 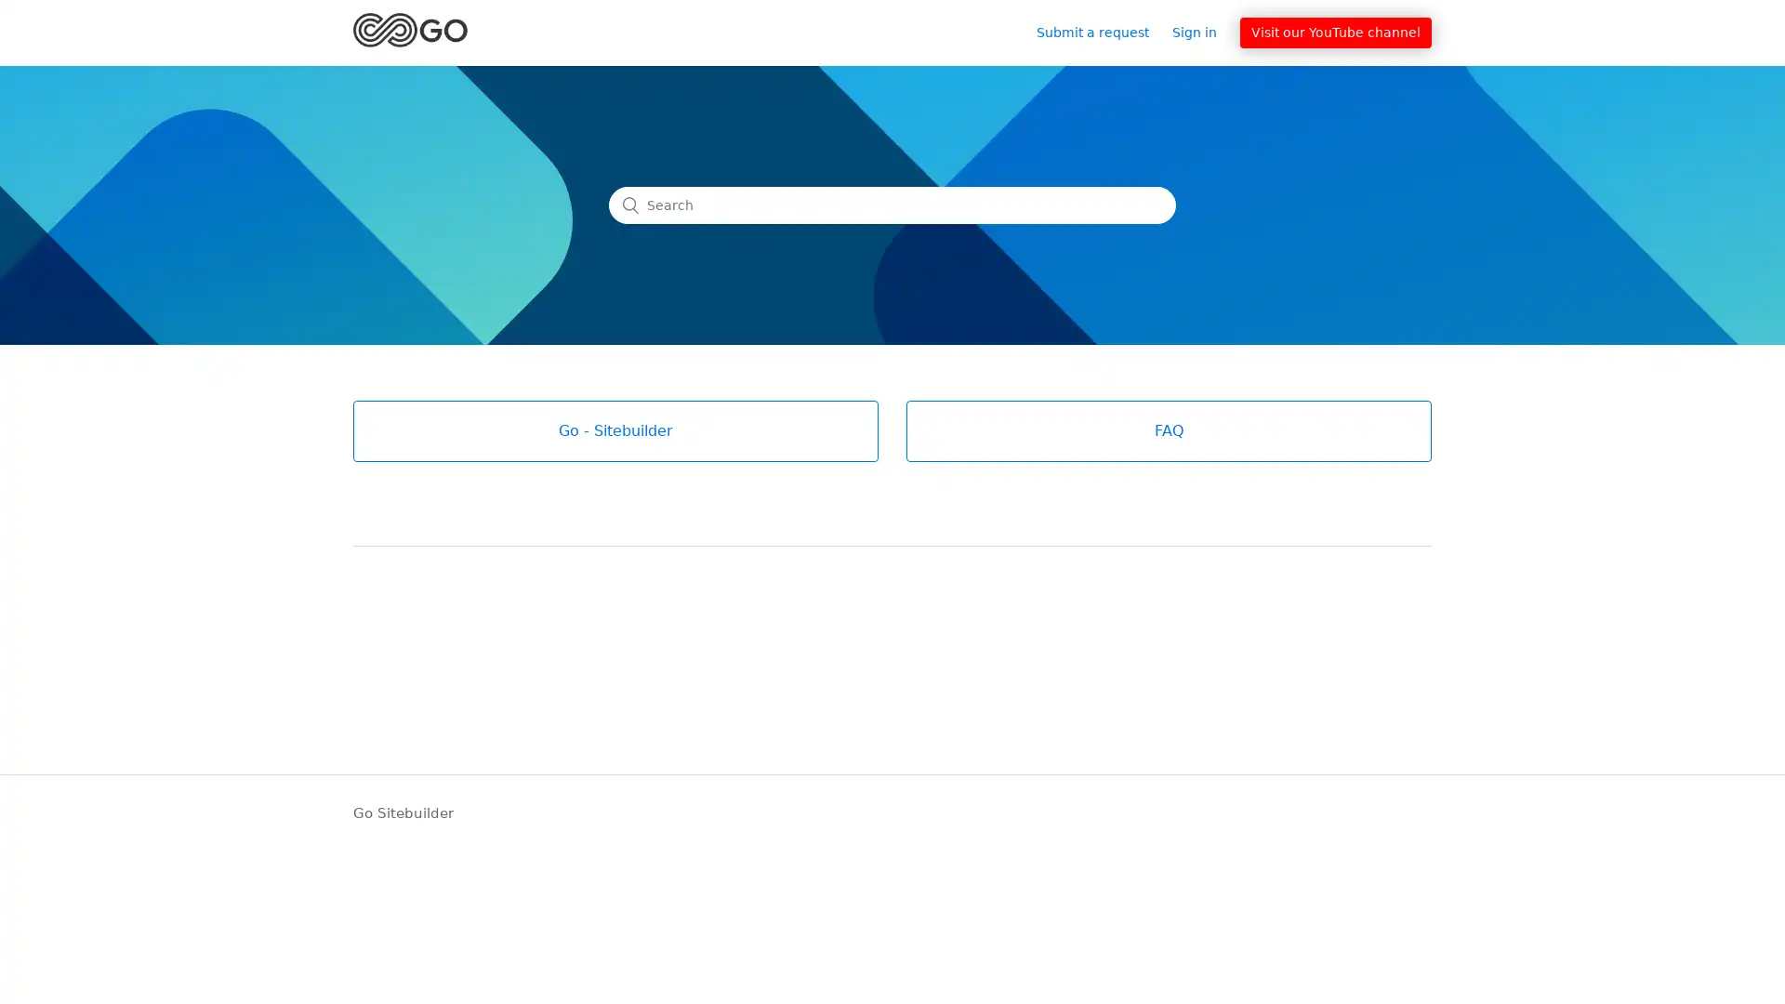 I want to click on Sign in, so click(x=1204, y=32).